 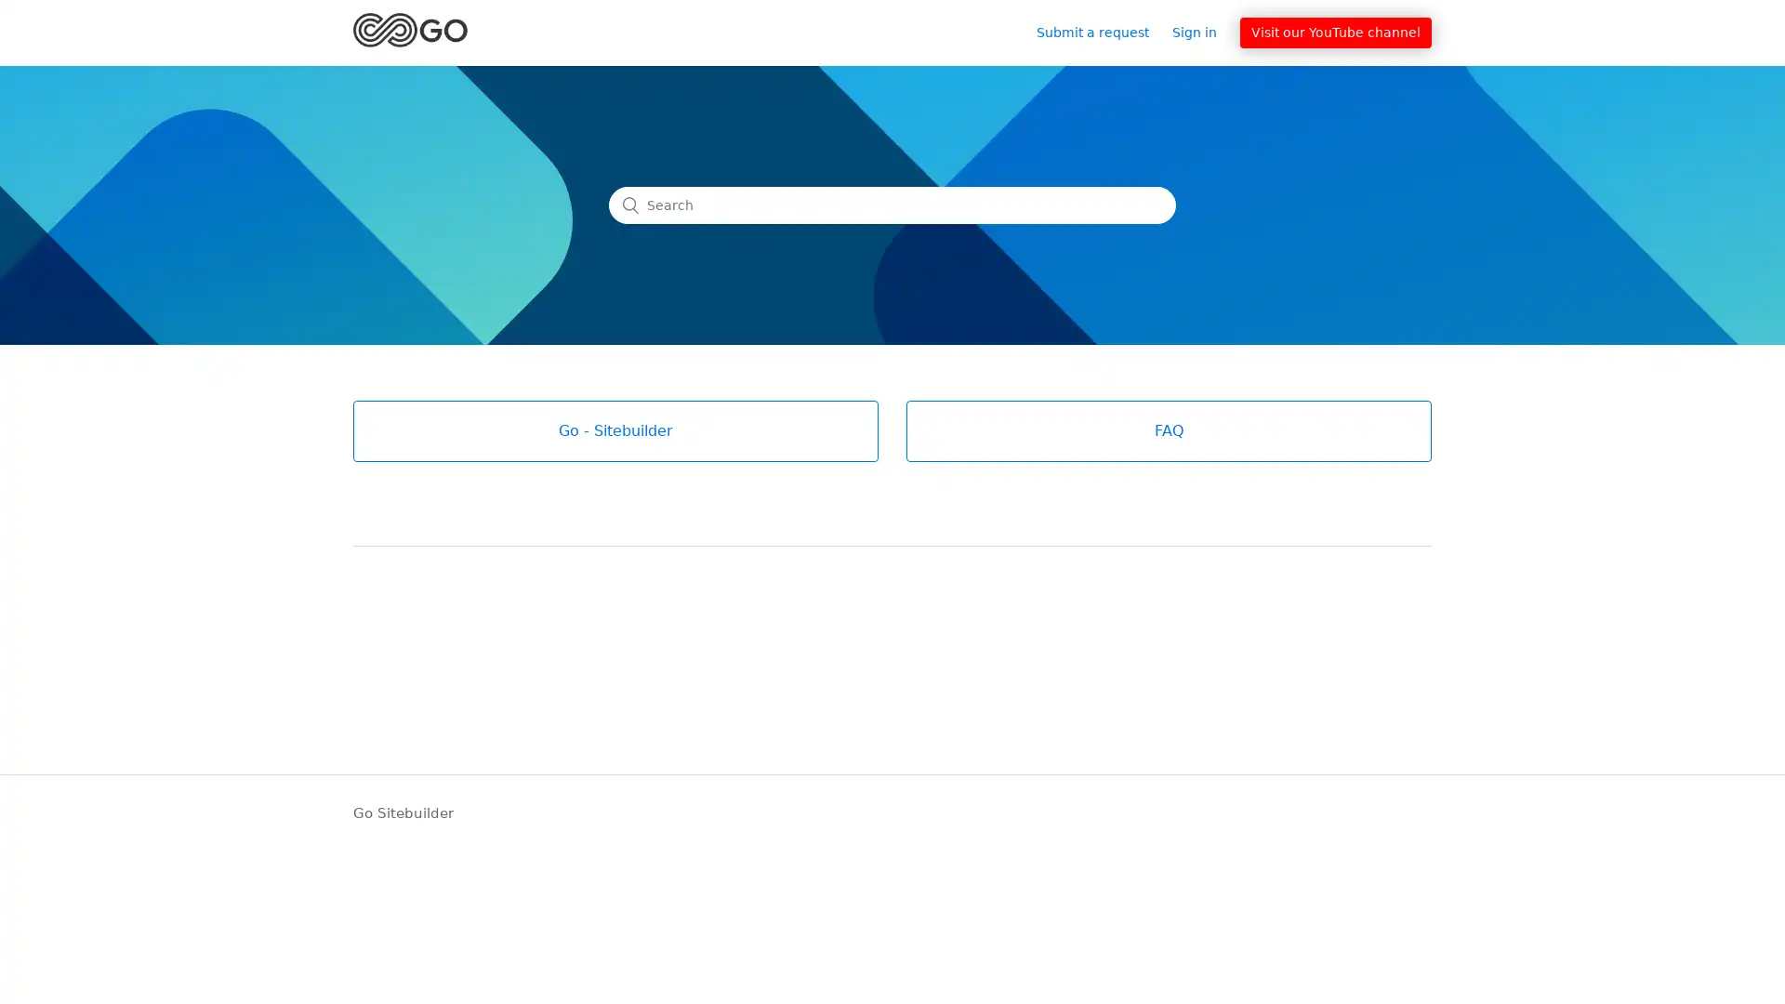 I want to click on Sign in, so click(x=1204, y=32).